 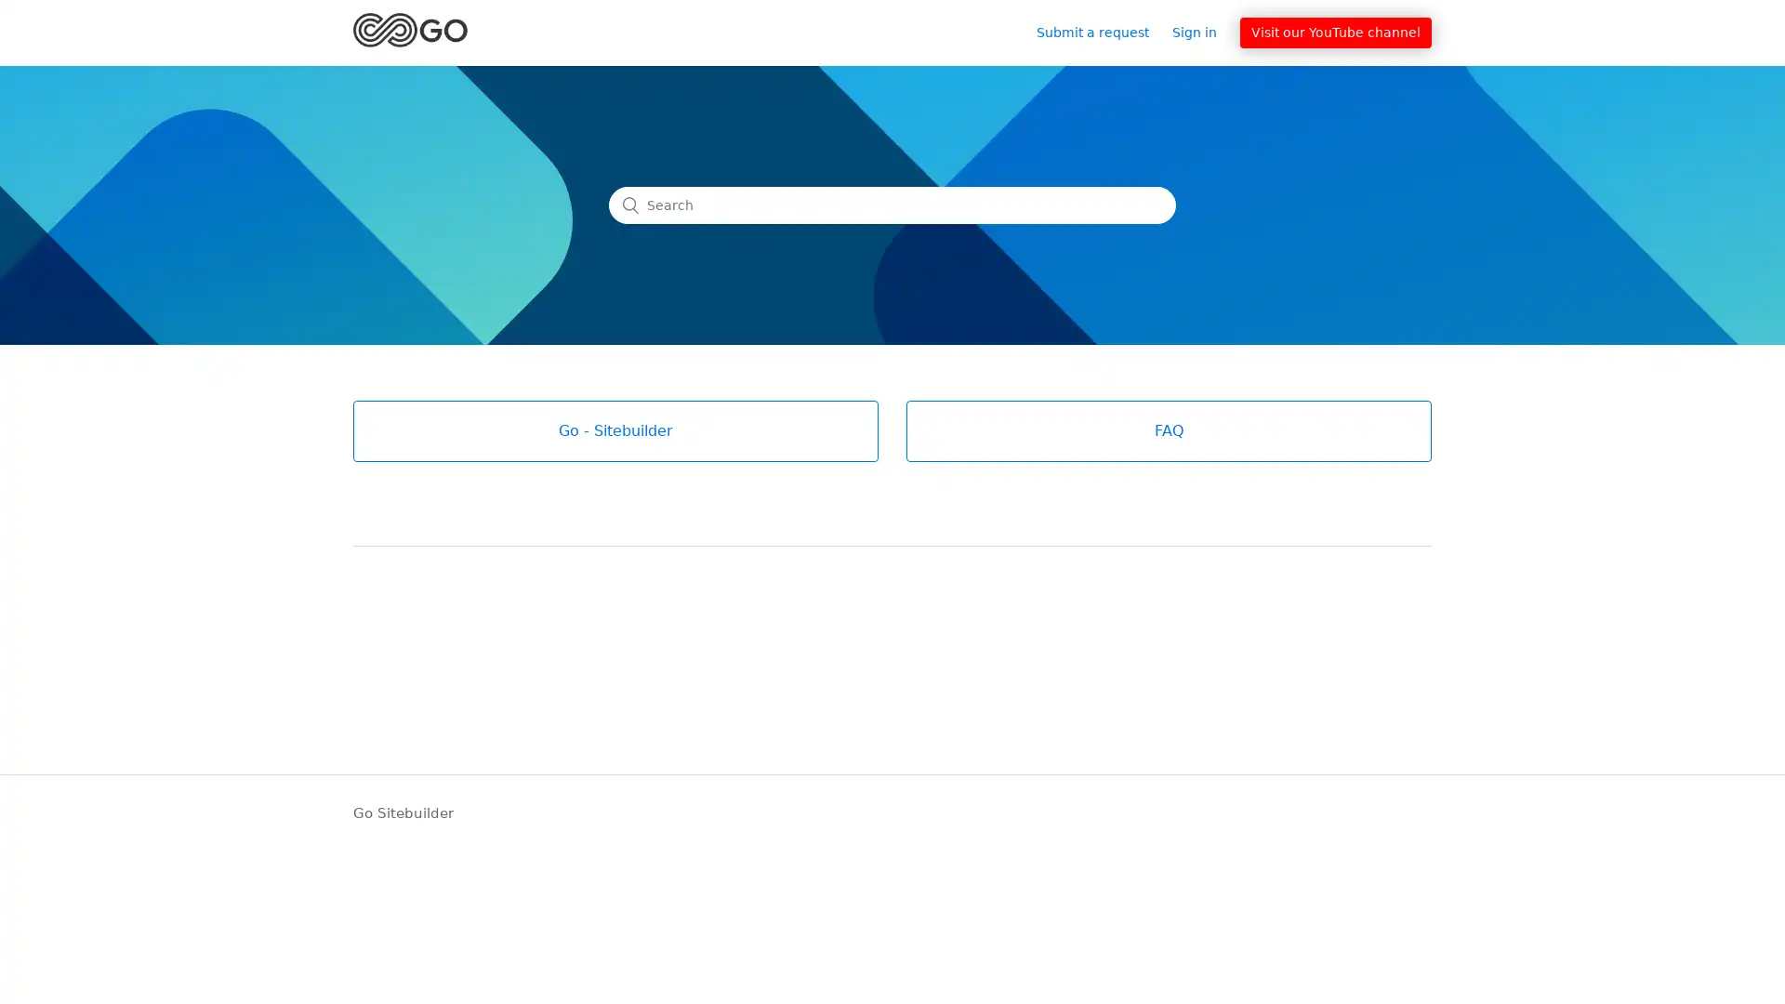 I want to click on Sign in, so click(x=1204, y=32).